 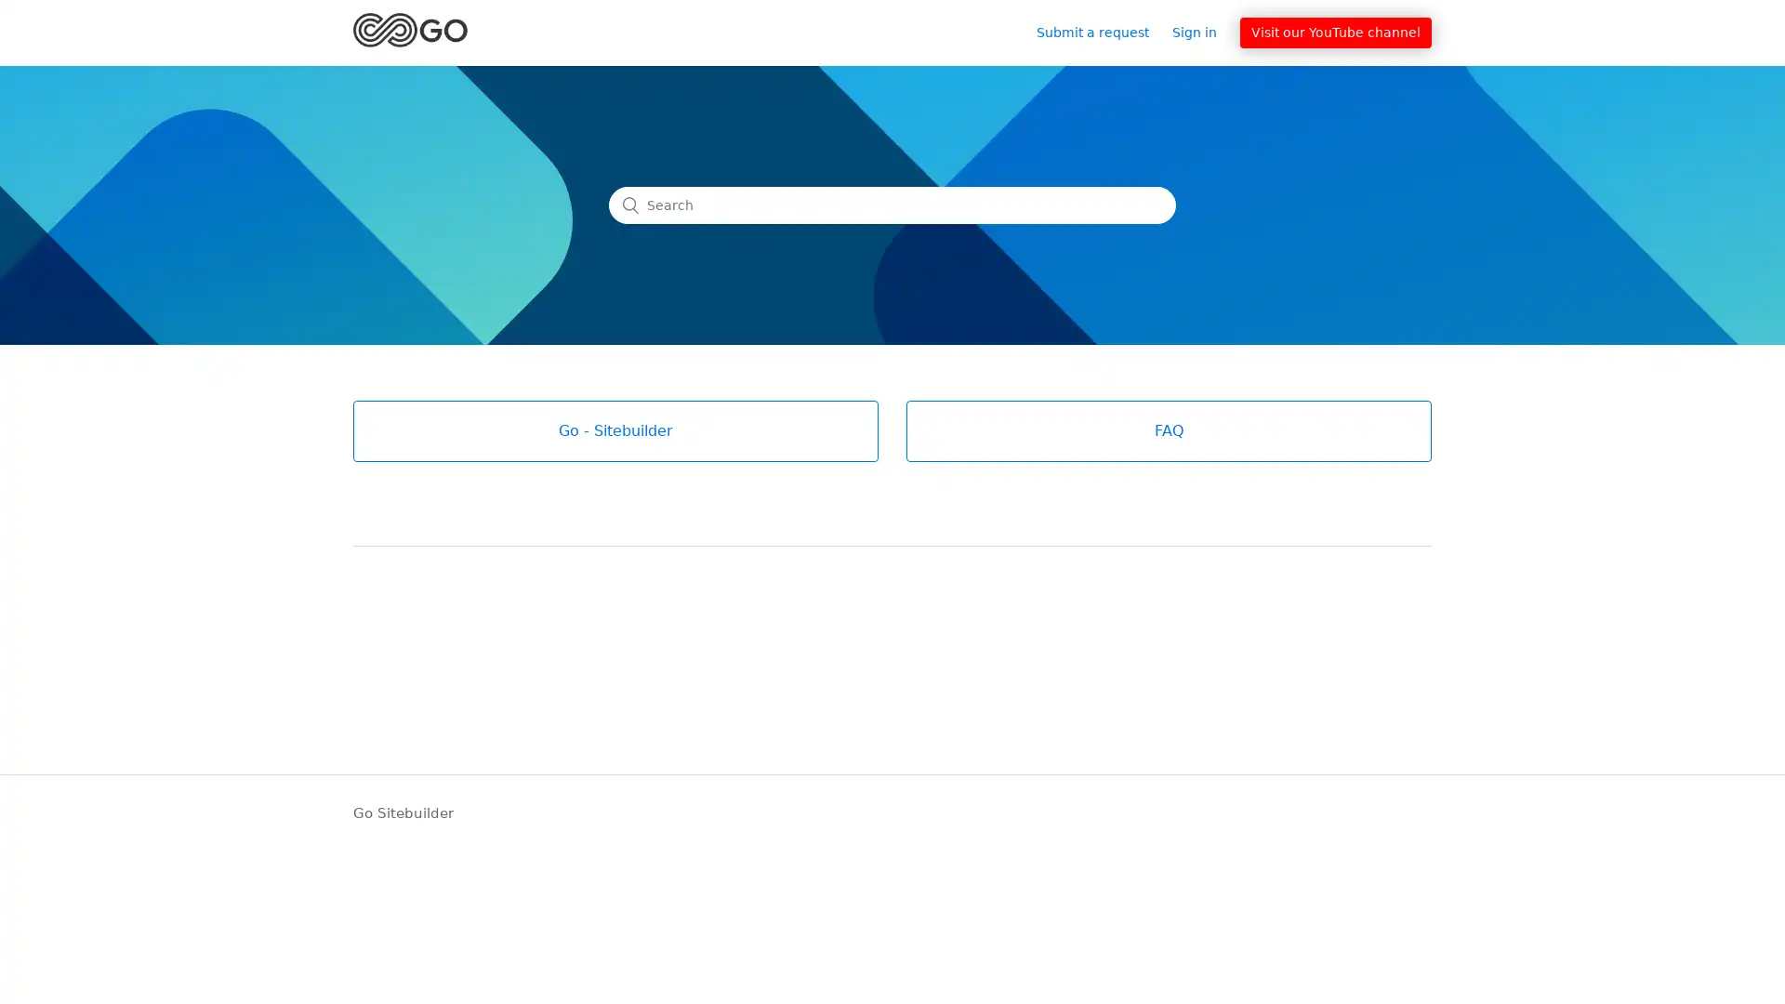 I want to click on Sign in, so click(x=1204, y=32).